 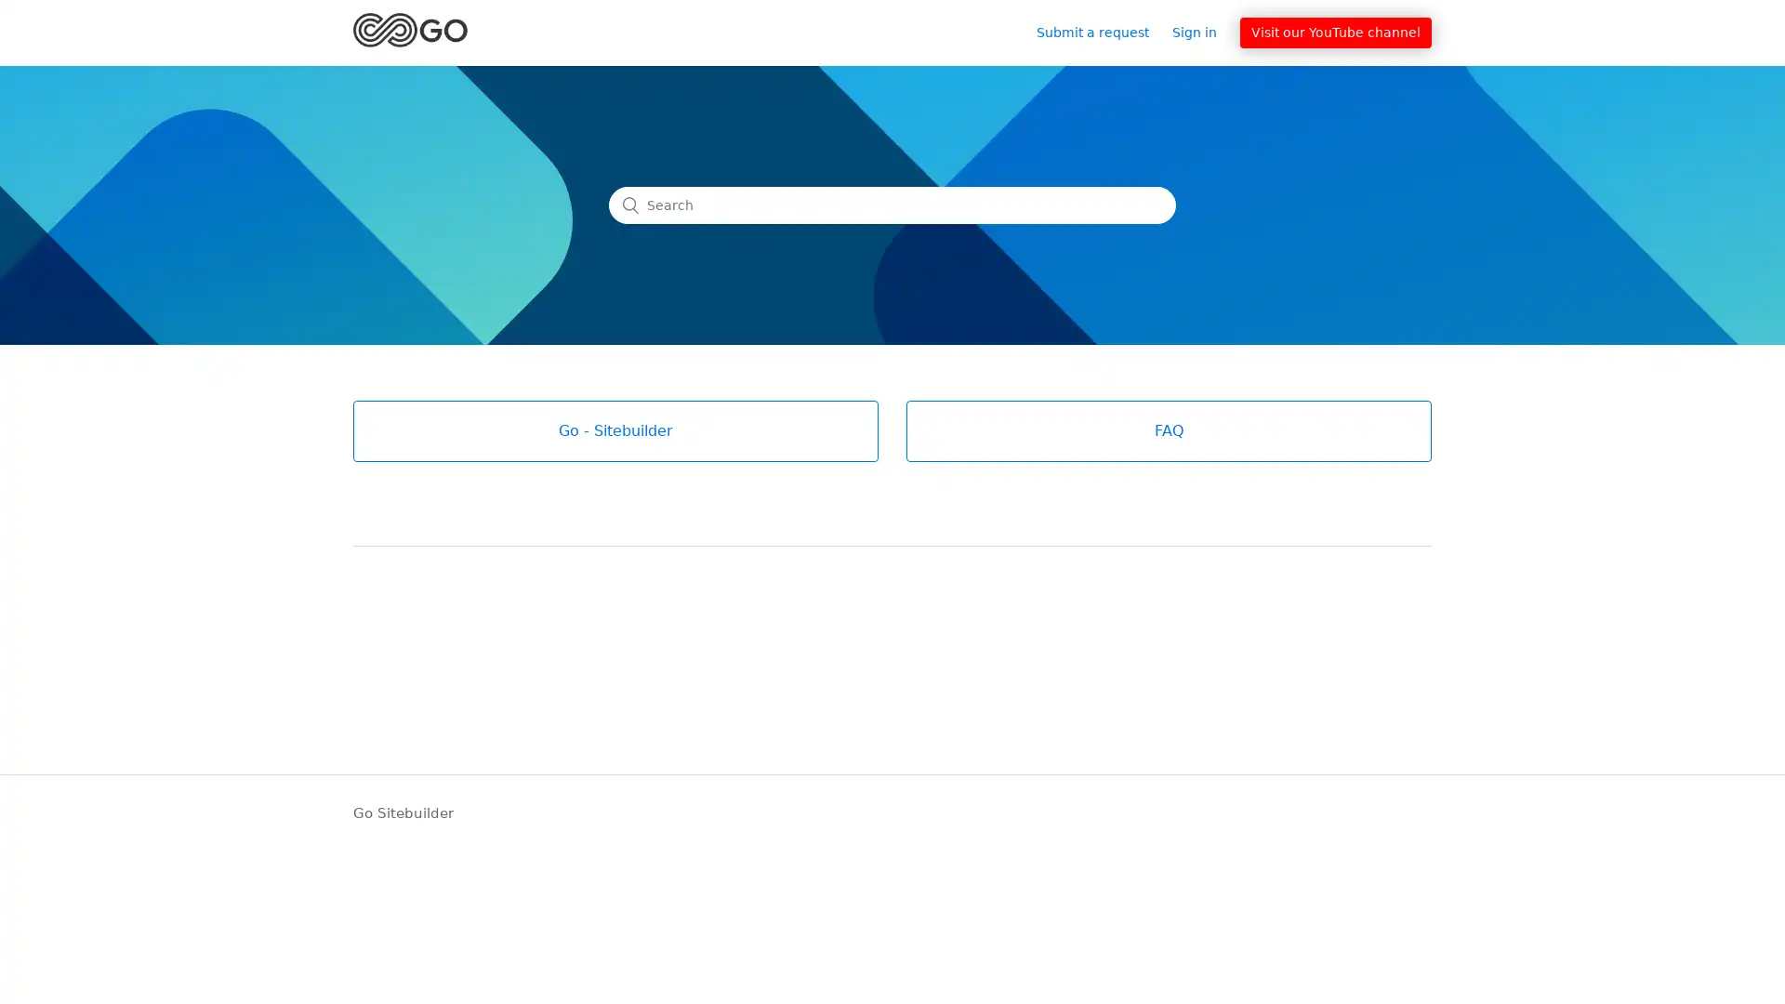 I want to click on Sign in, so click(x=1204, y=32).